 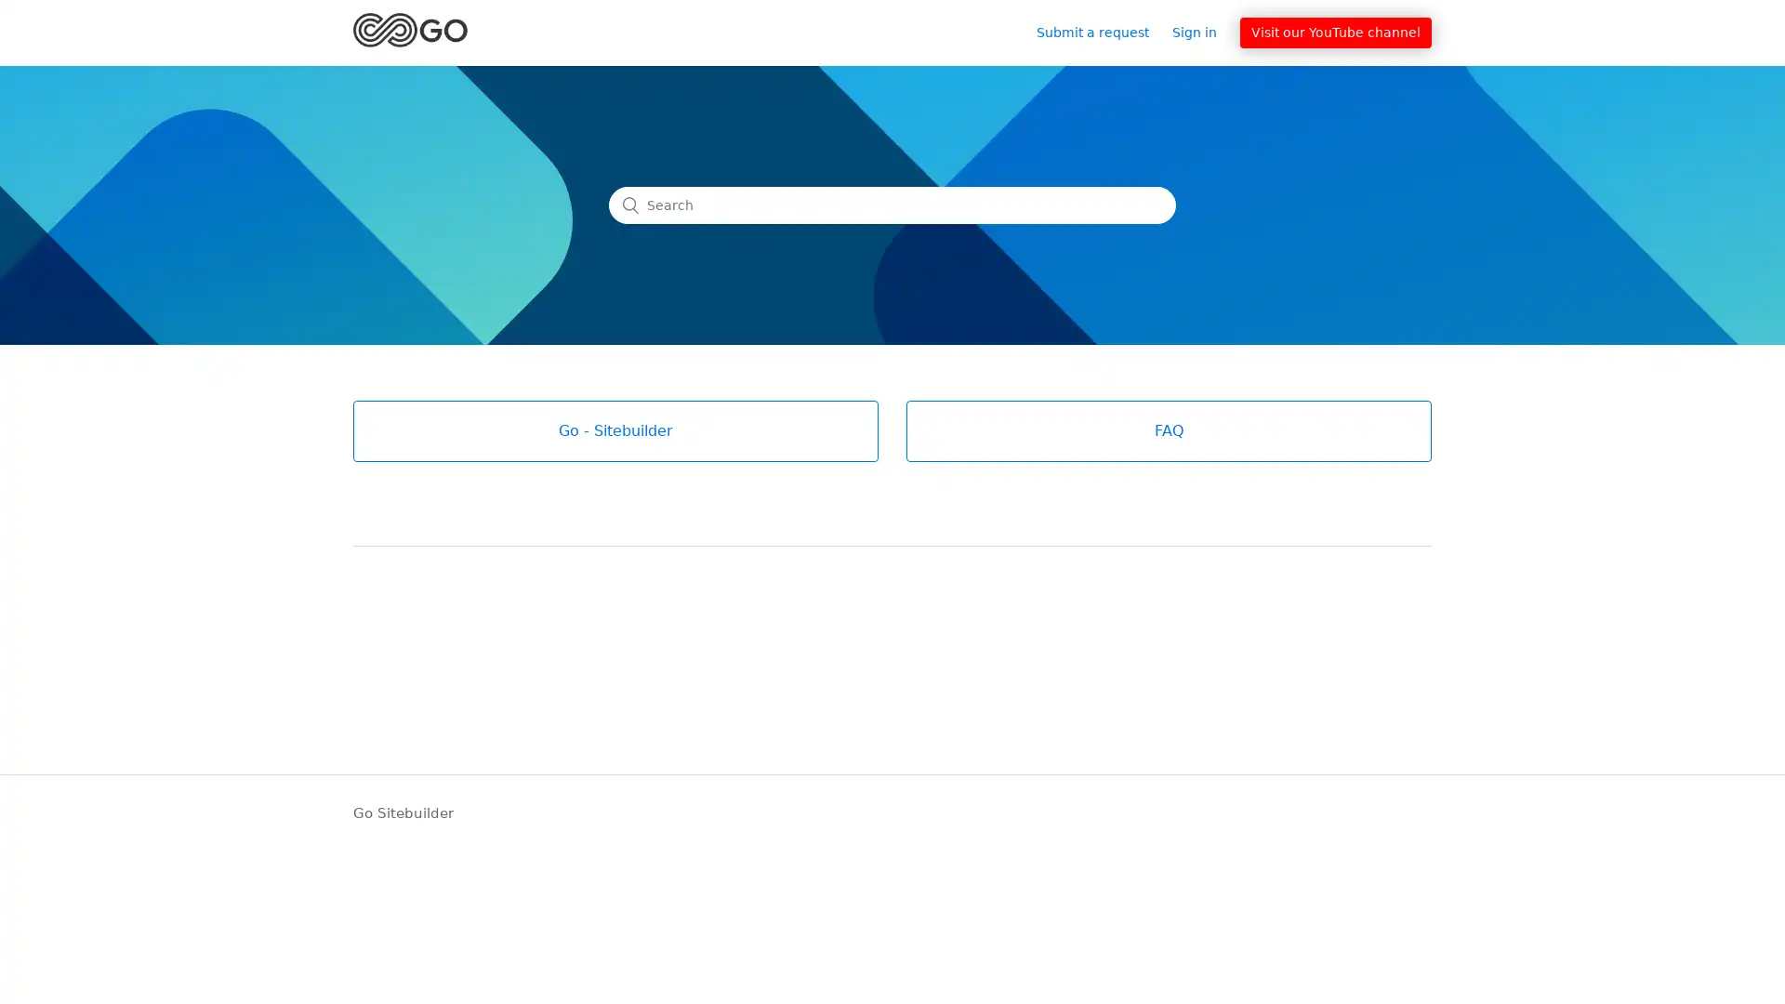 I want to click on Sign in, so click(x=1204, y=32).